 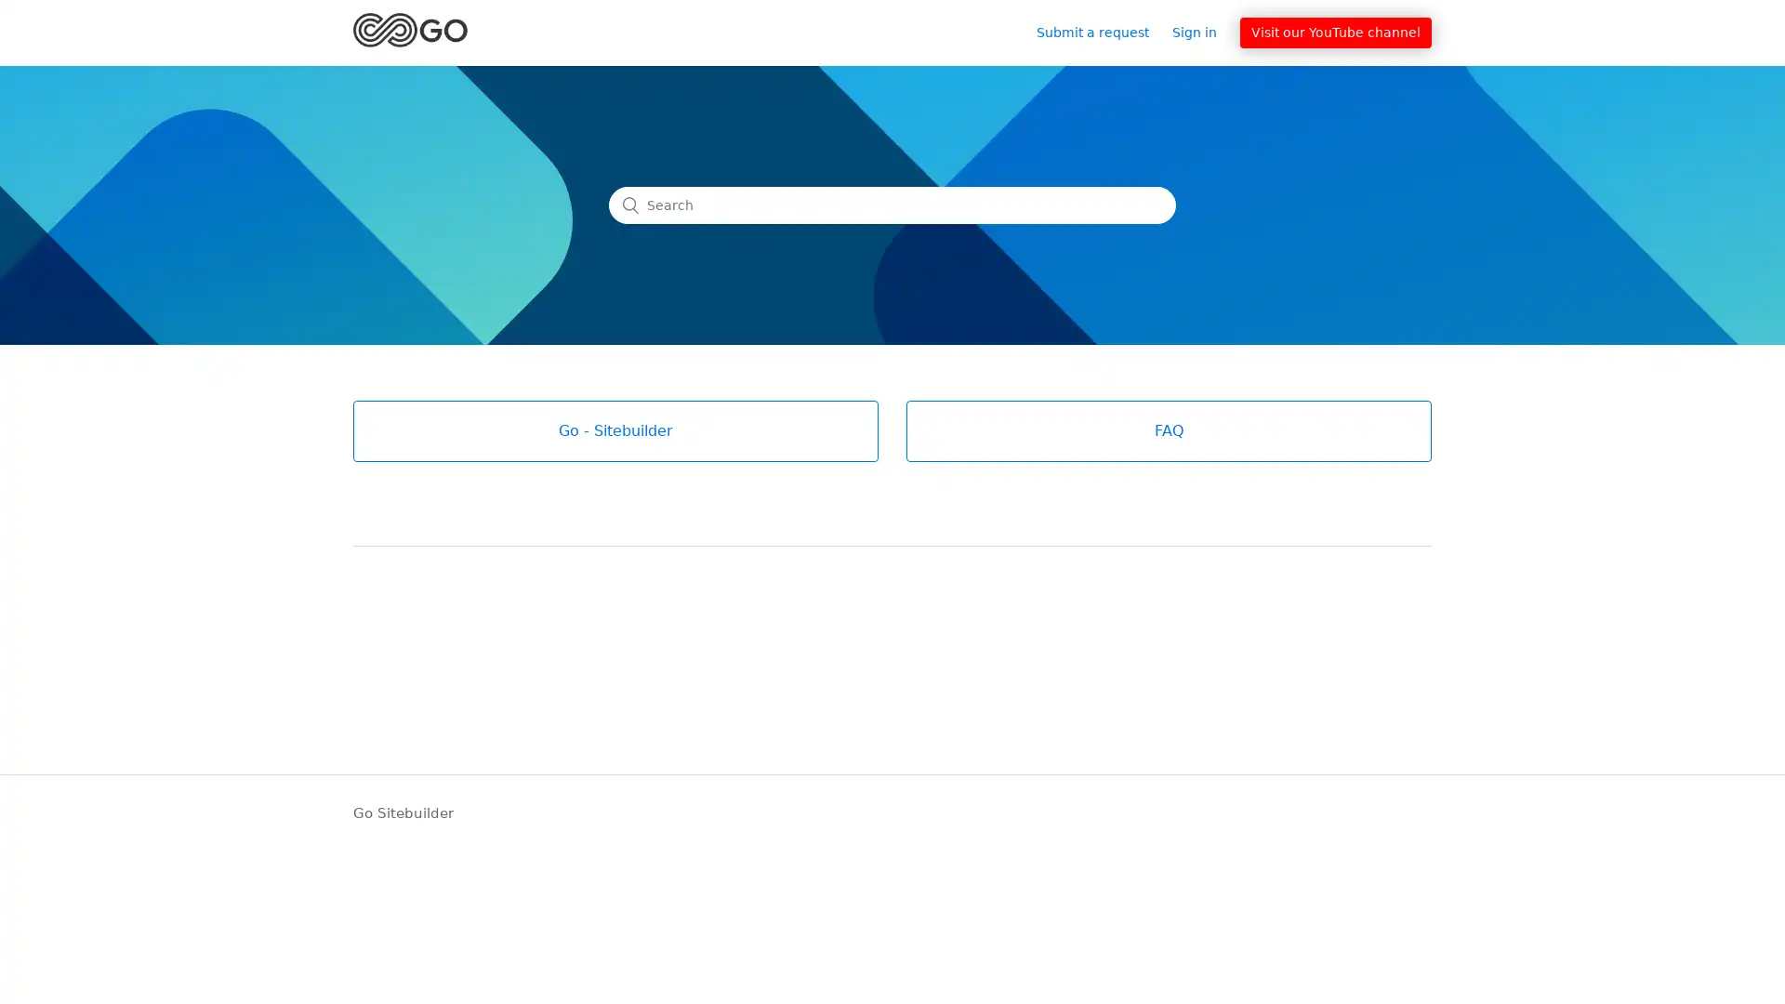 I want to click on Sign in, so click(x=1204, y=32).